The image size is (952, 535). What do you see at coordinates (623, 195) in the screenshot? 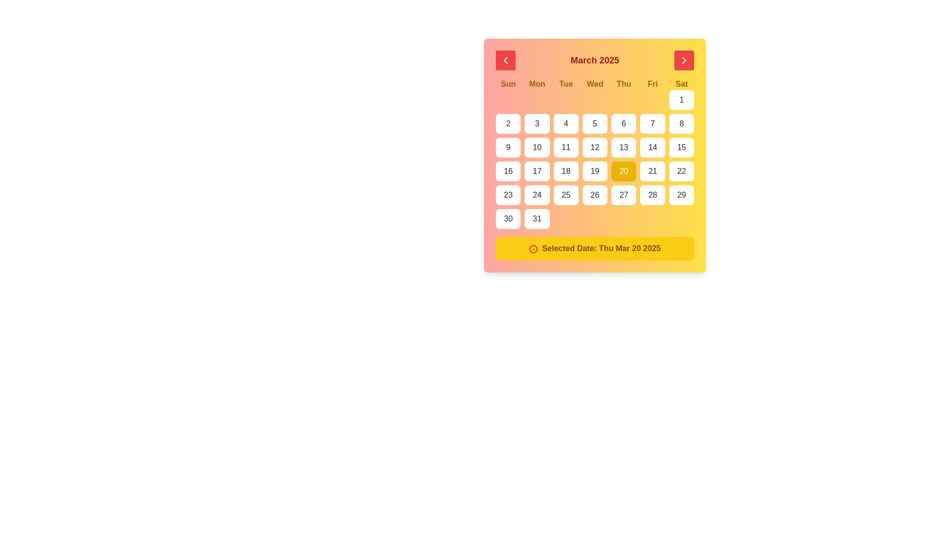
I see `the rounded rectangular button displaying '27', located in the last row and fifth column of the calendar grid, to observe the UI state change` at bounding box center [623, 195].